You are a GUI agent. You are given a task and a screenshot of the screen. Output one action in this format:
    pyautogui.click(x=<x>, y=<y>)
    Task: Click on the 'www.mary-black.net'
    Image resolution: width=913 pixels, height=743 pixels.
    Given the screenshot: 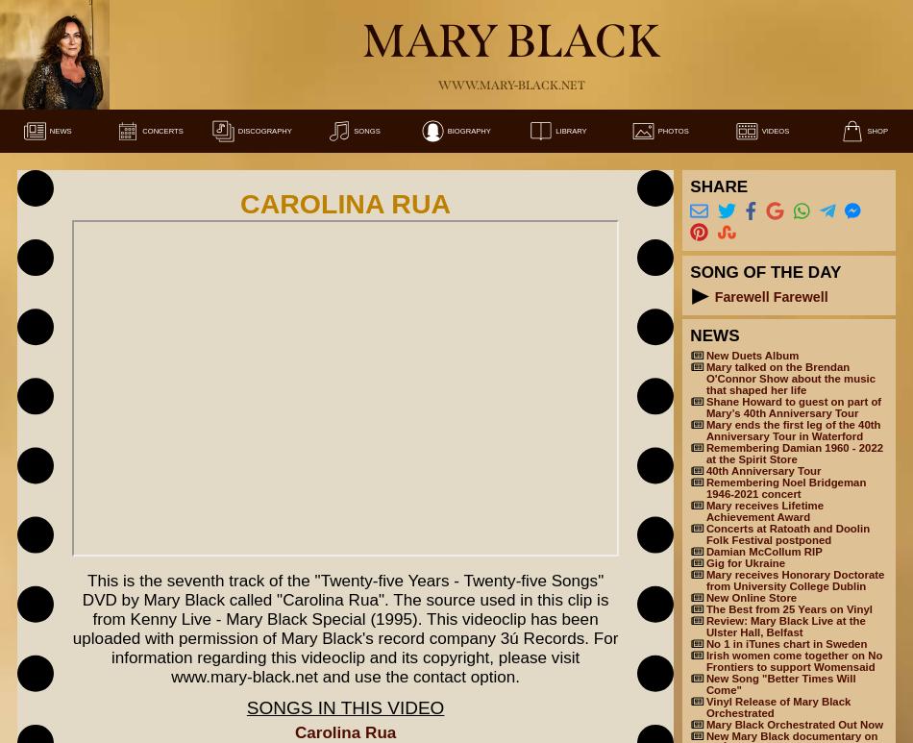 What is the action you would take?
    pyautogui.click(x=510, y=84)
    